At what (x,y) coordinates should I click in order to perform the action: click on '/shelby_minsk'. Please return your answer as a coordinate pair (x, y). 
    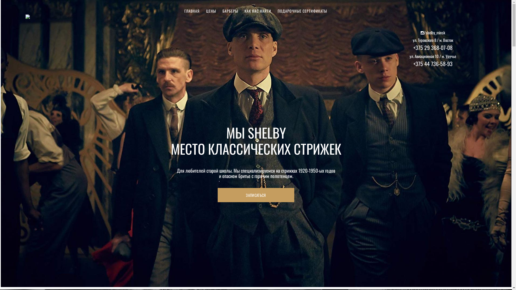
    Looking at the image, I should click on (433, 33).